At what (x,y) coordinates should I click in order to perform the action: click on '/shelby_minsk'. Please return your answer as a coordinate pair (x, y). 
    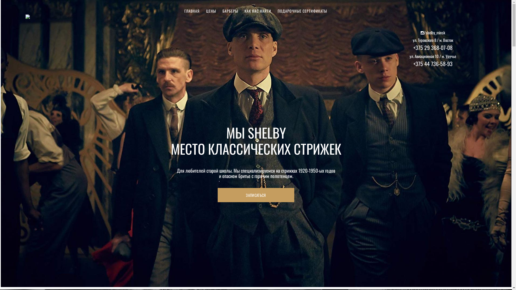
    Looking at the image, I should click on (433, 33).